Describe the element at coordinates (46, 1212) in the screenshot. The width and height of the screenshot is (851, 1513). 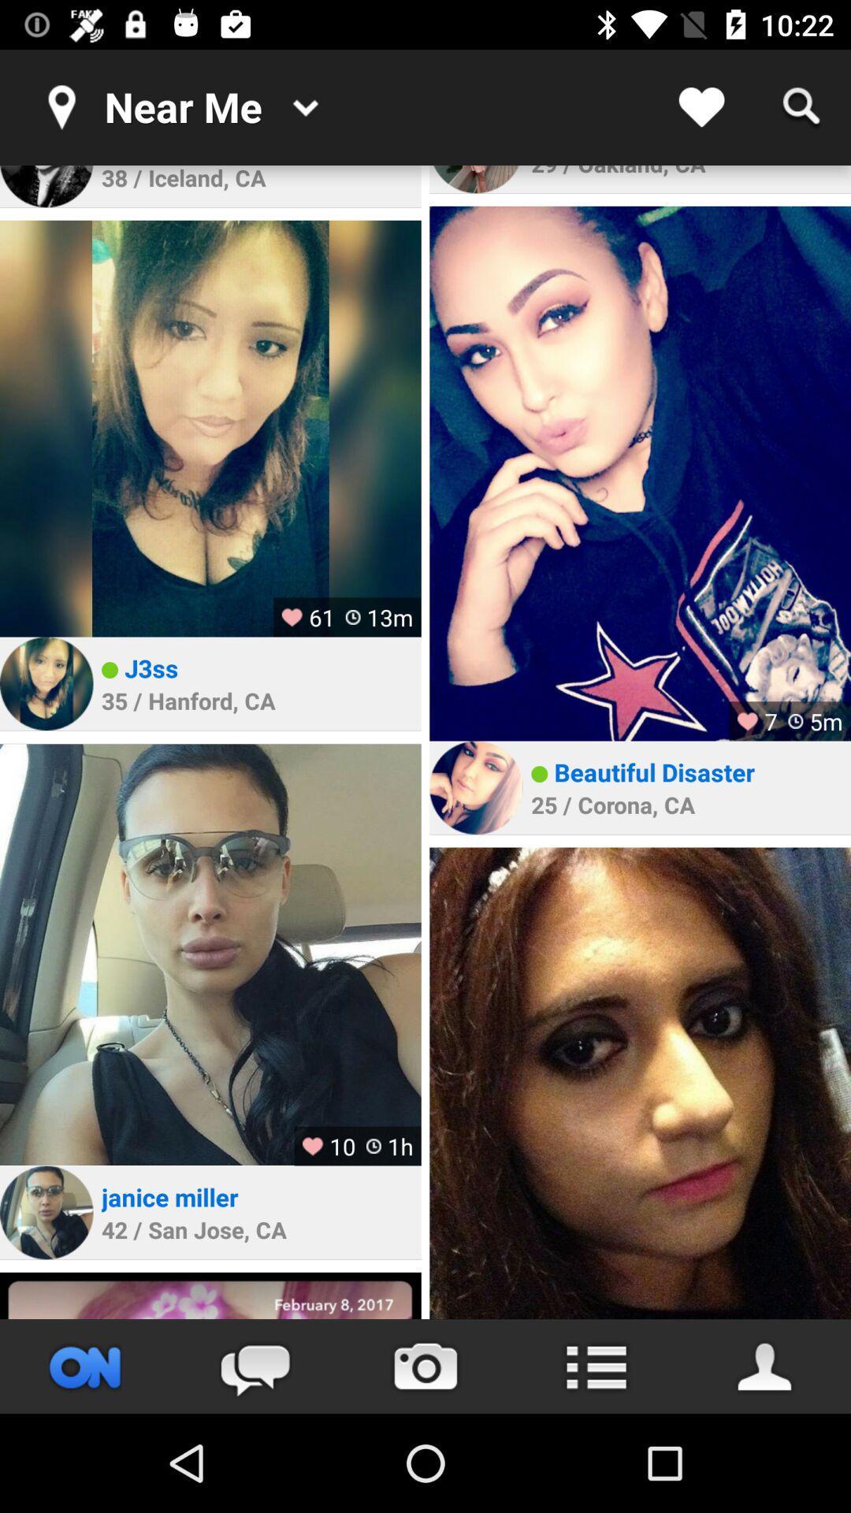
I see `open image` at that location.